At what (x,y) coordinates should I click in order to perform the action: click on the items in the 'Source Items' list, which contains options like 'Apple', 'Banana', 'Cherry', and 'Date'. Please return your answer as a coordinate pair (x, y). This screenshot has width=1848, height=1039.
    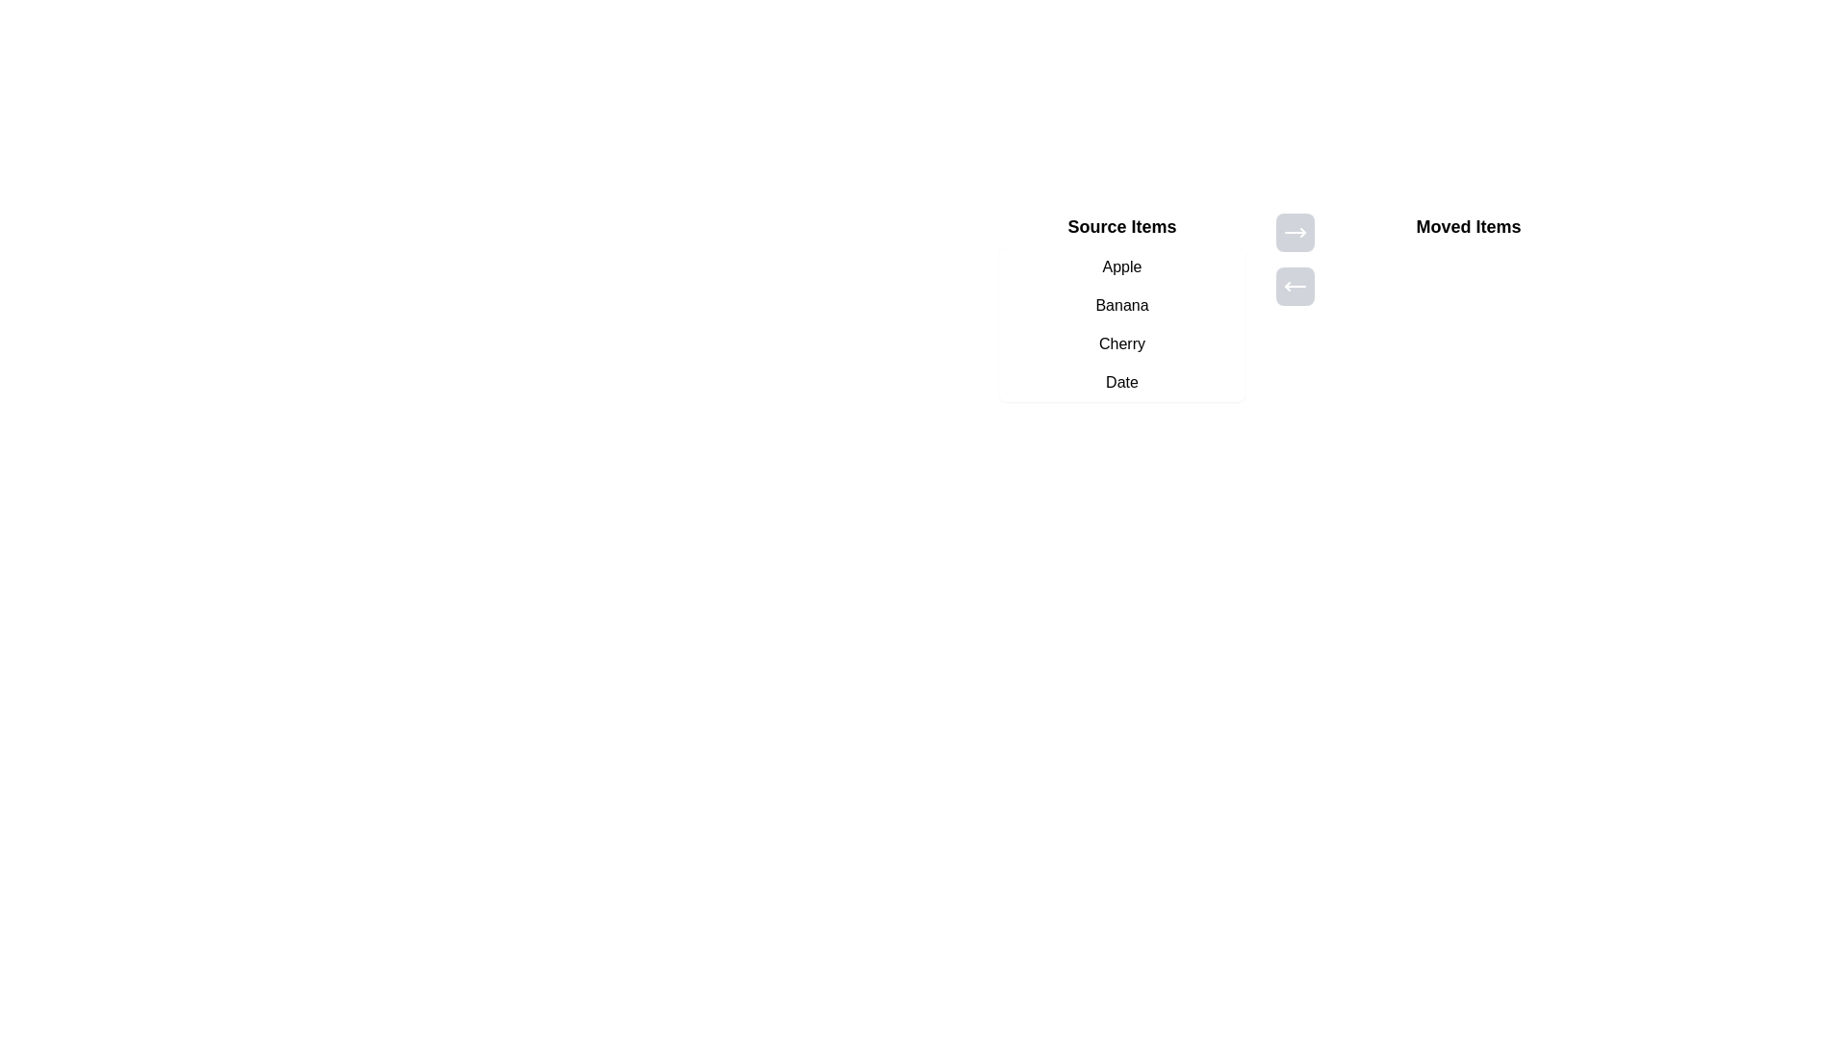
    Looking at the image, I should click on (1122, 307).